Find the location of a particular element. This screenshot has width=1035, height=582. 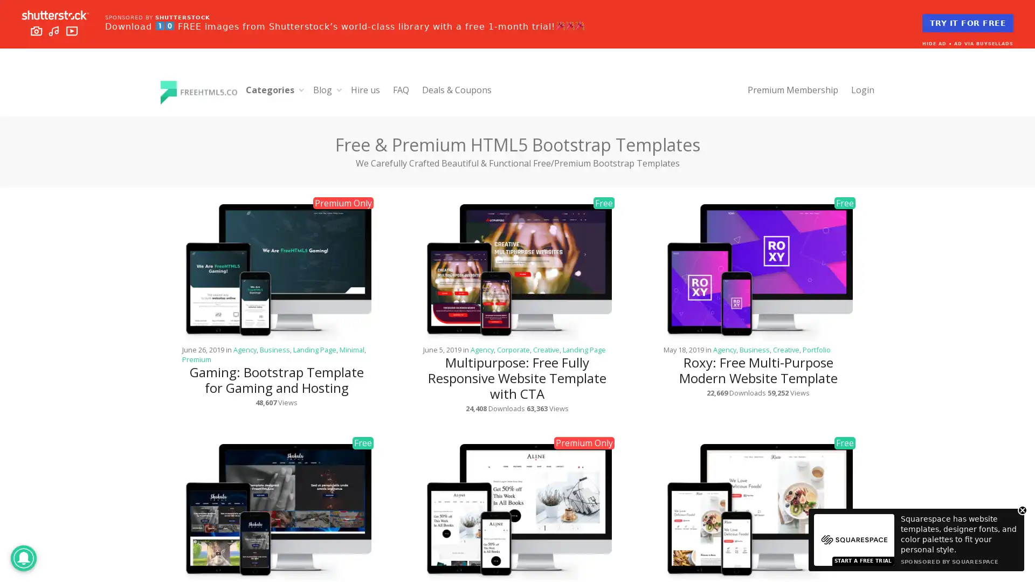

Expand child menu is located at coordinates (339, 89).